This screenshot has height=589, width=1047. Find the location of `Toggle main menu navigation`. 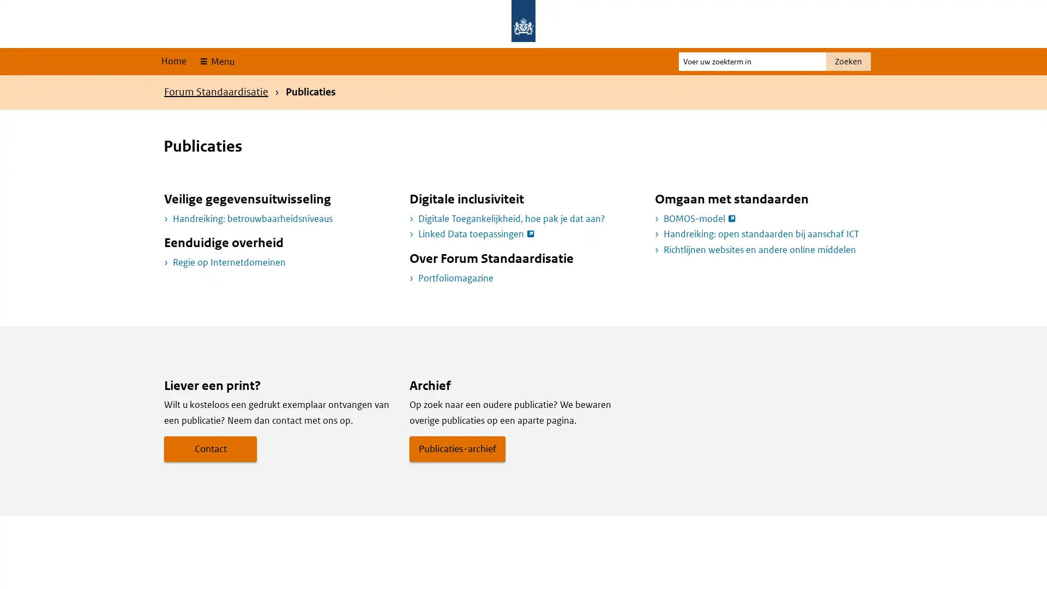

Toggle main menu navigation is located at coordinates (216, 61).